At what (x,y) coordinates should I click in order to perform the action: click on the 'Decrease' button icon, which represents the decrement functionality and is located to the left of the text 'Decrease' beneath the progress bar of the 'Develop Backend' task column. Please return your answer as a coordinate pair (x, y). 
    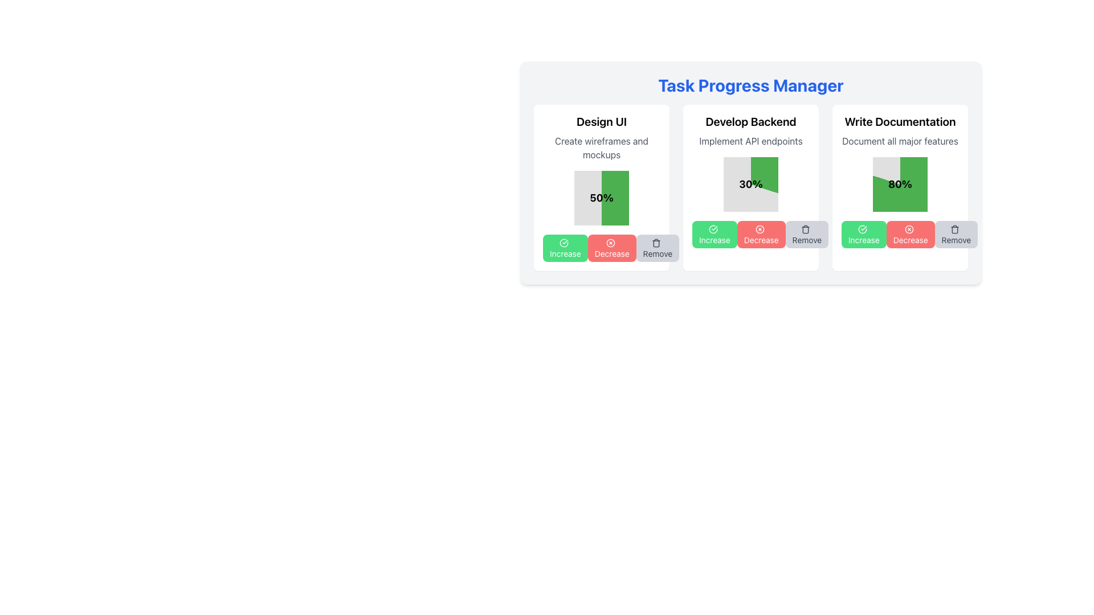
    Looking at the image, I should click on (760, 229).